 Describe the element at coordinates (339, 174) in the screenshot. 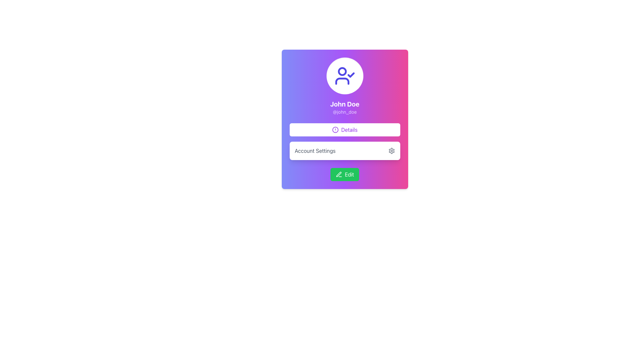

I see `the sleek, minimalist pen icon located next to the 'Account Settings' label in the user profile card` at that location.